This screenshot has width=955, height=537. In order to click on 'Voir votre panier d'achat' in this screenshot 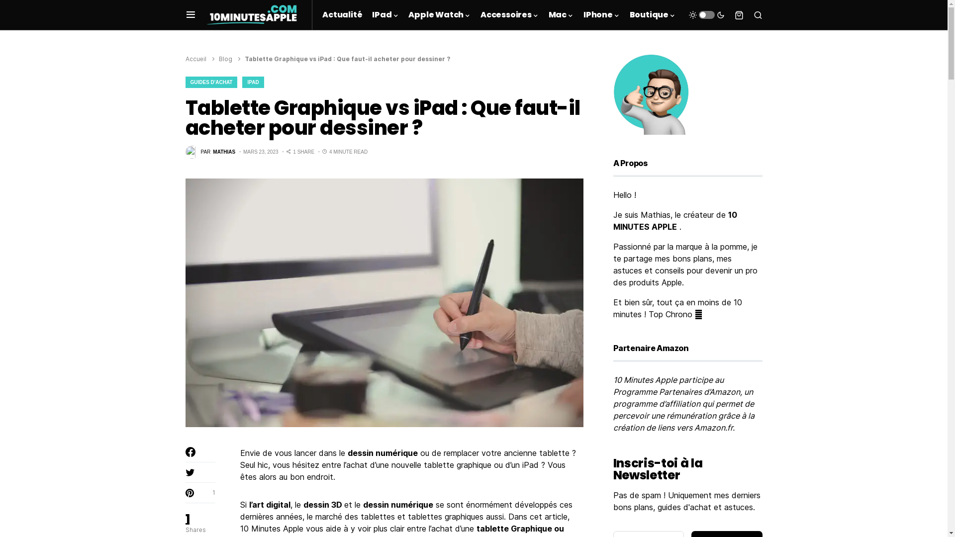, I will do `click(738, 15)`.